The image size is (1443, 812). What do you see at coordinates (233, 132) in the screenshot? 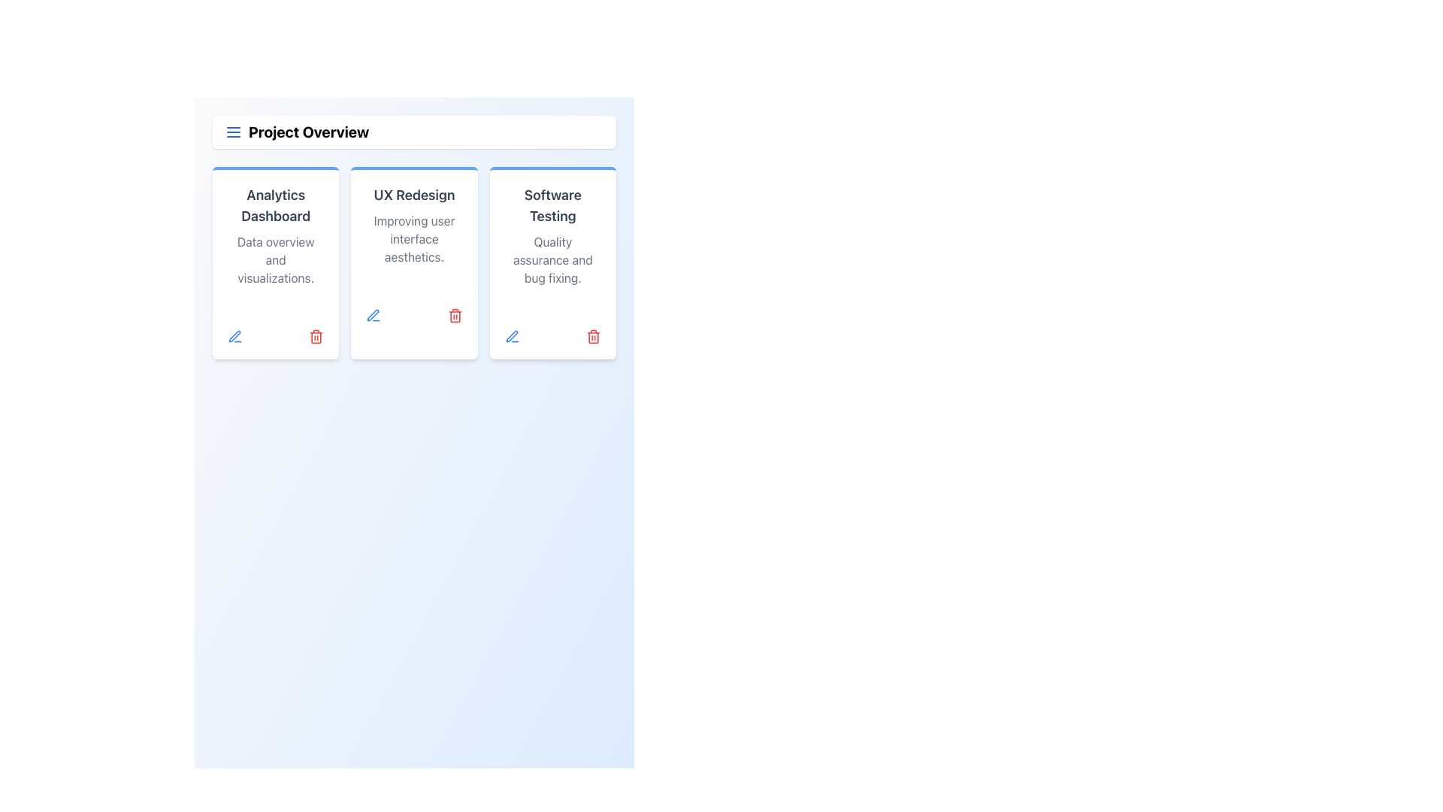
I see `the hamburger menu icon, which is a compact icon composed of three navy blue horizontally aligned lines, located to the left of the 'Project Overview' text in the header` at bounding box center [233, 132].